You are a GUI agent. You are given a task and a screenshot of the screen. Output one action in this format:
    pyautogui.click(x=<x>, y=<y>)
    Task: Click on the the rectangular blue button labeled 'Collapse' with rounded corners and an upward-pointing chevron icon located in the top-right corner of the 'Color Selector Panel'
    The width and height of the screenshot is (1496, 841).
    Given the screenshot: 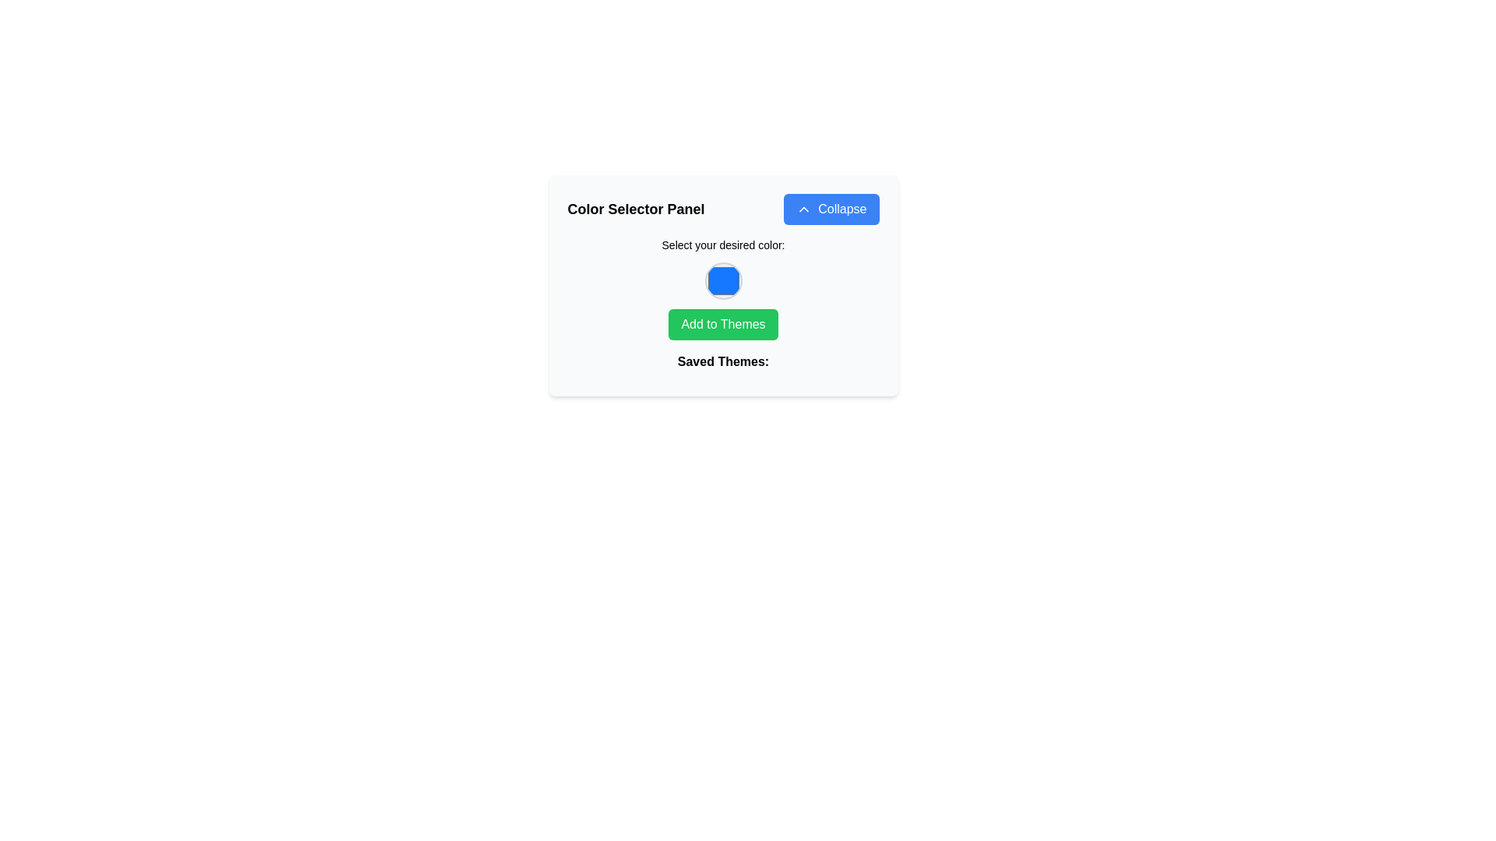 What is the action you would take?
    pyautogui.click(x=831, y=209)
    